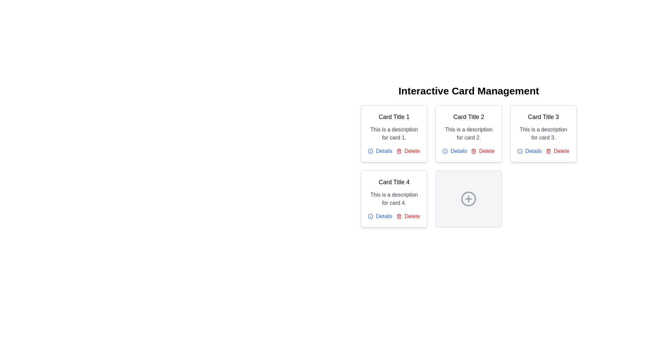 Image resolution: width=645 pixels, height=363 pixels. Describe the element at coordinates (399, 216) in the screenshot. I see `the trash can icon located at the bottom right corner of 'Card Title 4'` at that location.